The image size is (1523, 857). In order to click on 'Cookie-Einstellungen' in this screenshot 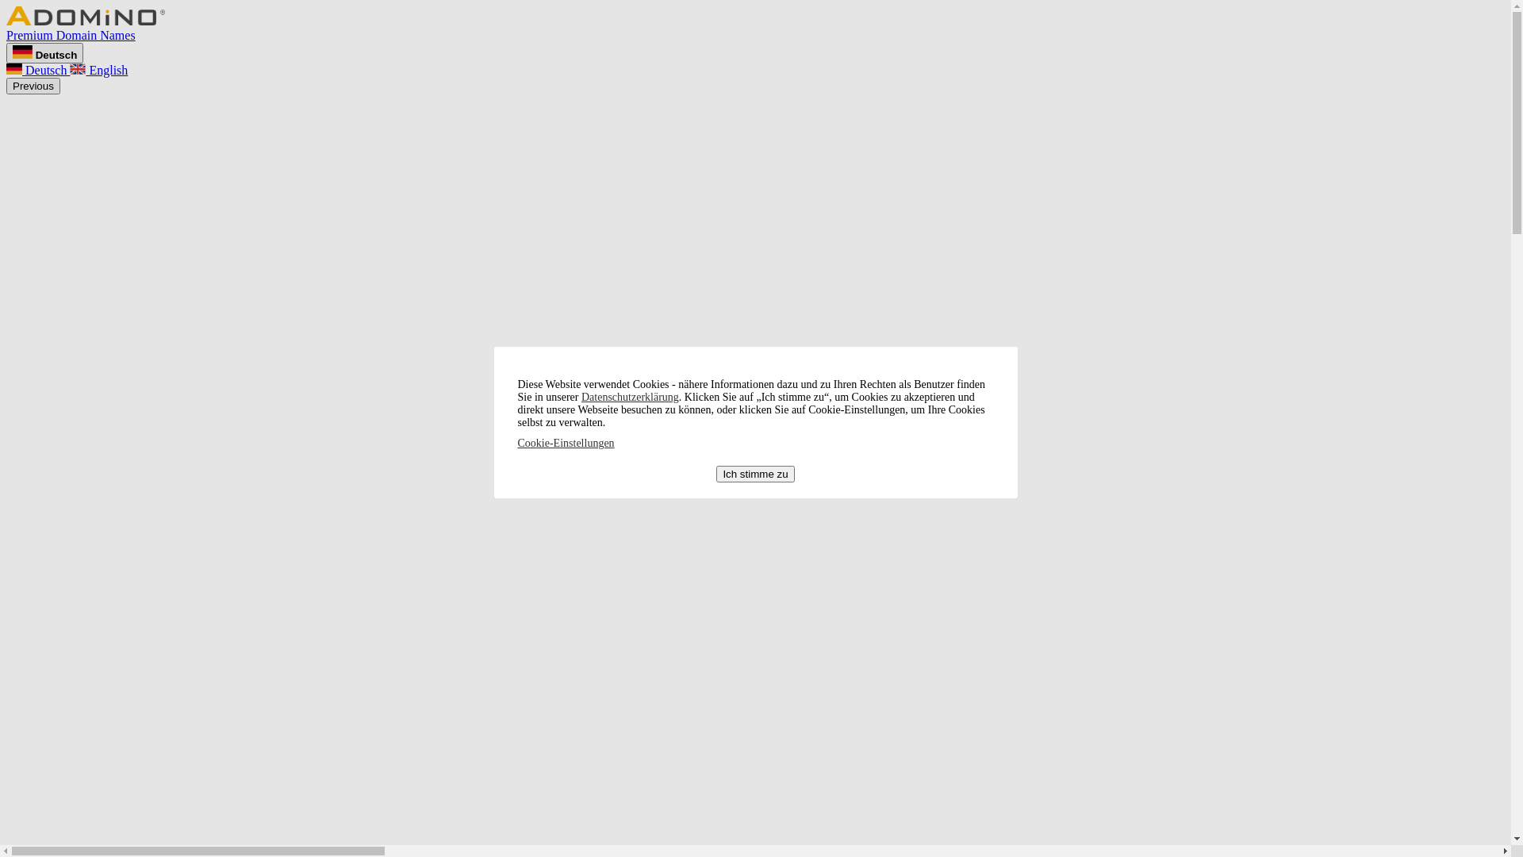, I will do `click(566, 443)`.